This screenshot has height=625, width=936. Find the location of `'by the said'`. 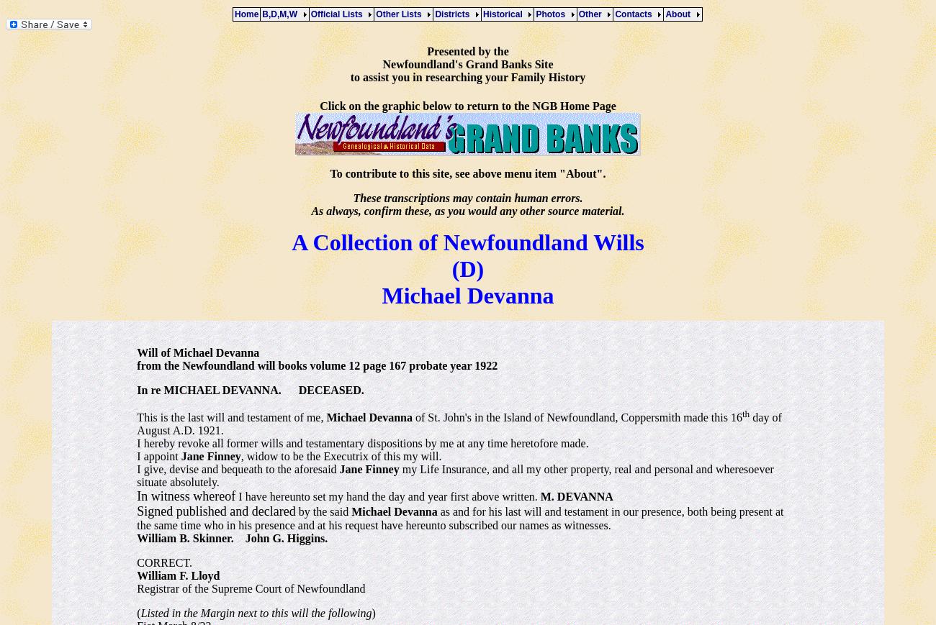

'by the said' is located at coordinates (323, 511).